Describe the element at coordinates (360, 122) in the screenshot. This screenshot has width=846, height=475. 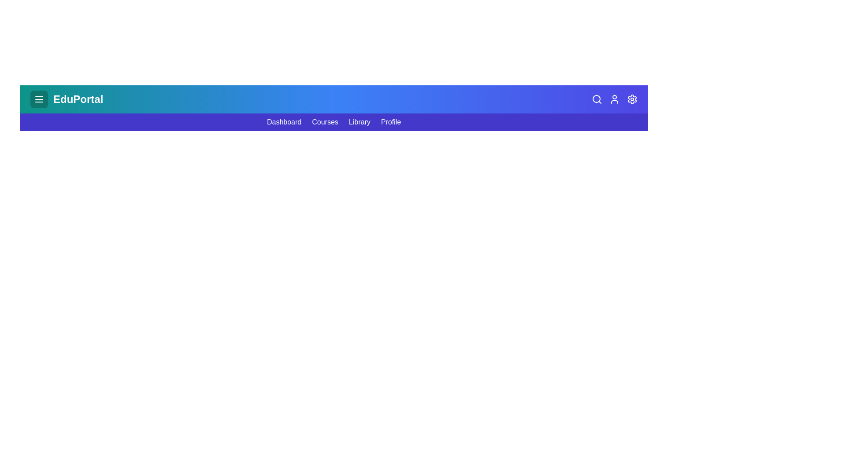
I see `the navigation link Library in the menu bar` at that location.